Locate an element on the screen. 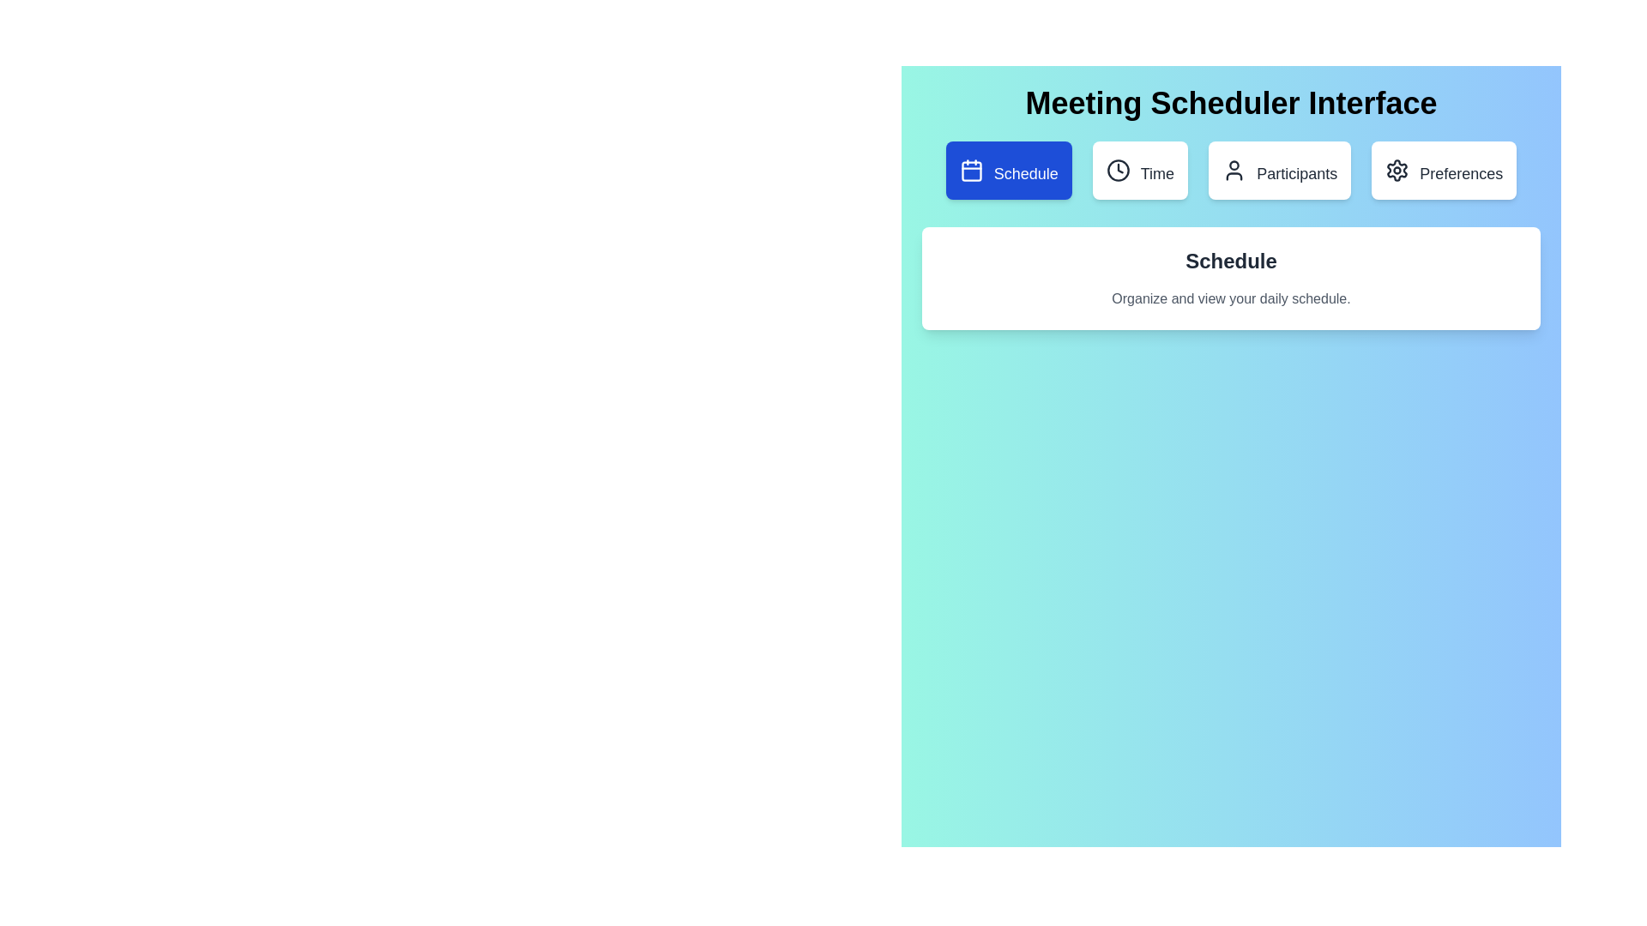  the rightmost button in a horizontal row of four buttons at the top of the interface is located at coordinates (1443, 171).